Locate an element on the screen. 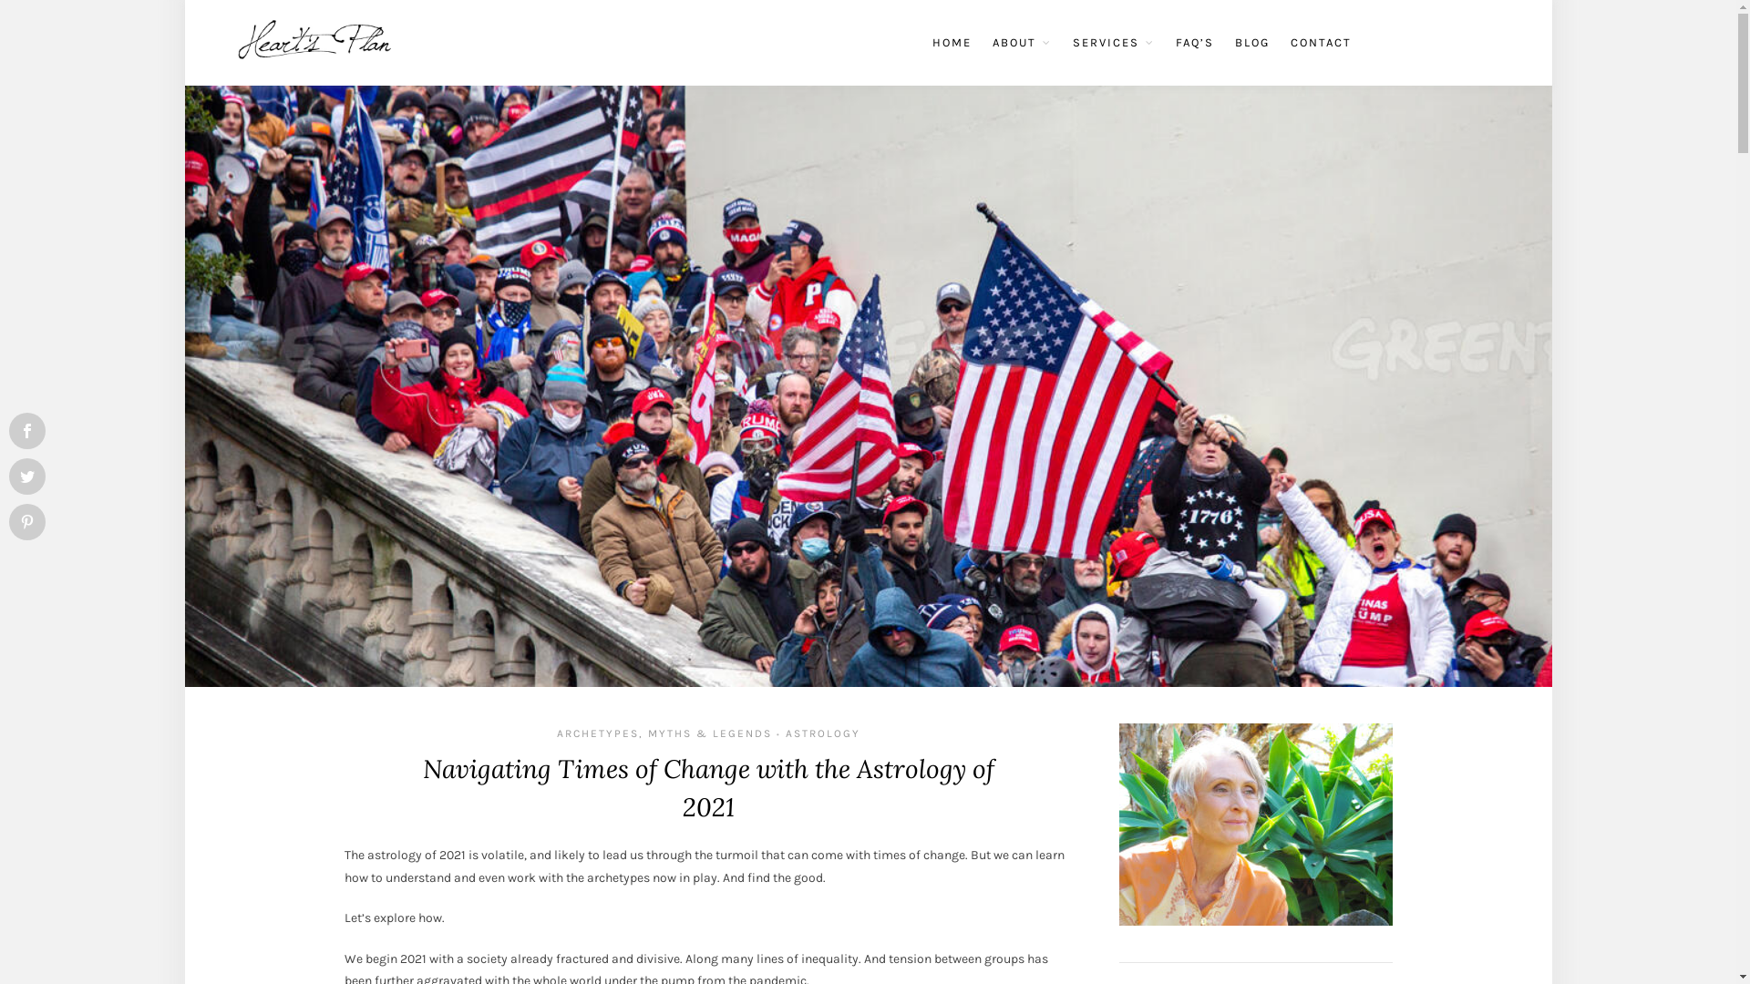 Image resolution: width=1750 pixels, height=984 pixels. 'CONTACT' is located at coordinates (1321, 41).